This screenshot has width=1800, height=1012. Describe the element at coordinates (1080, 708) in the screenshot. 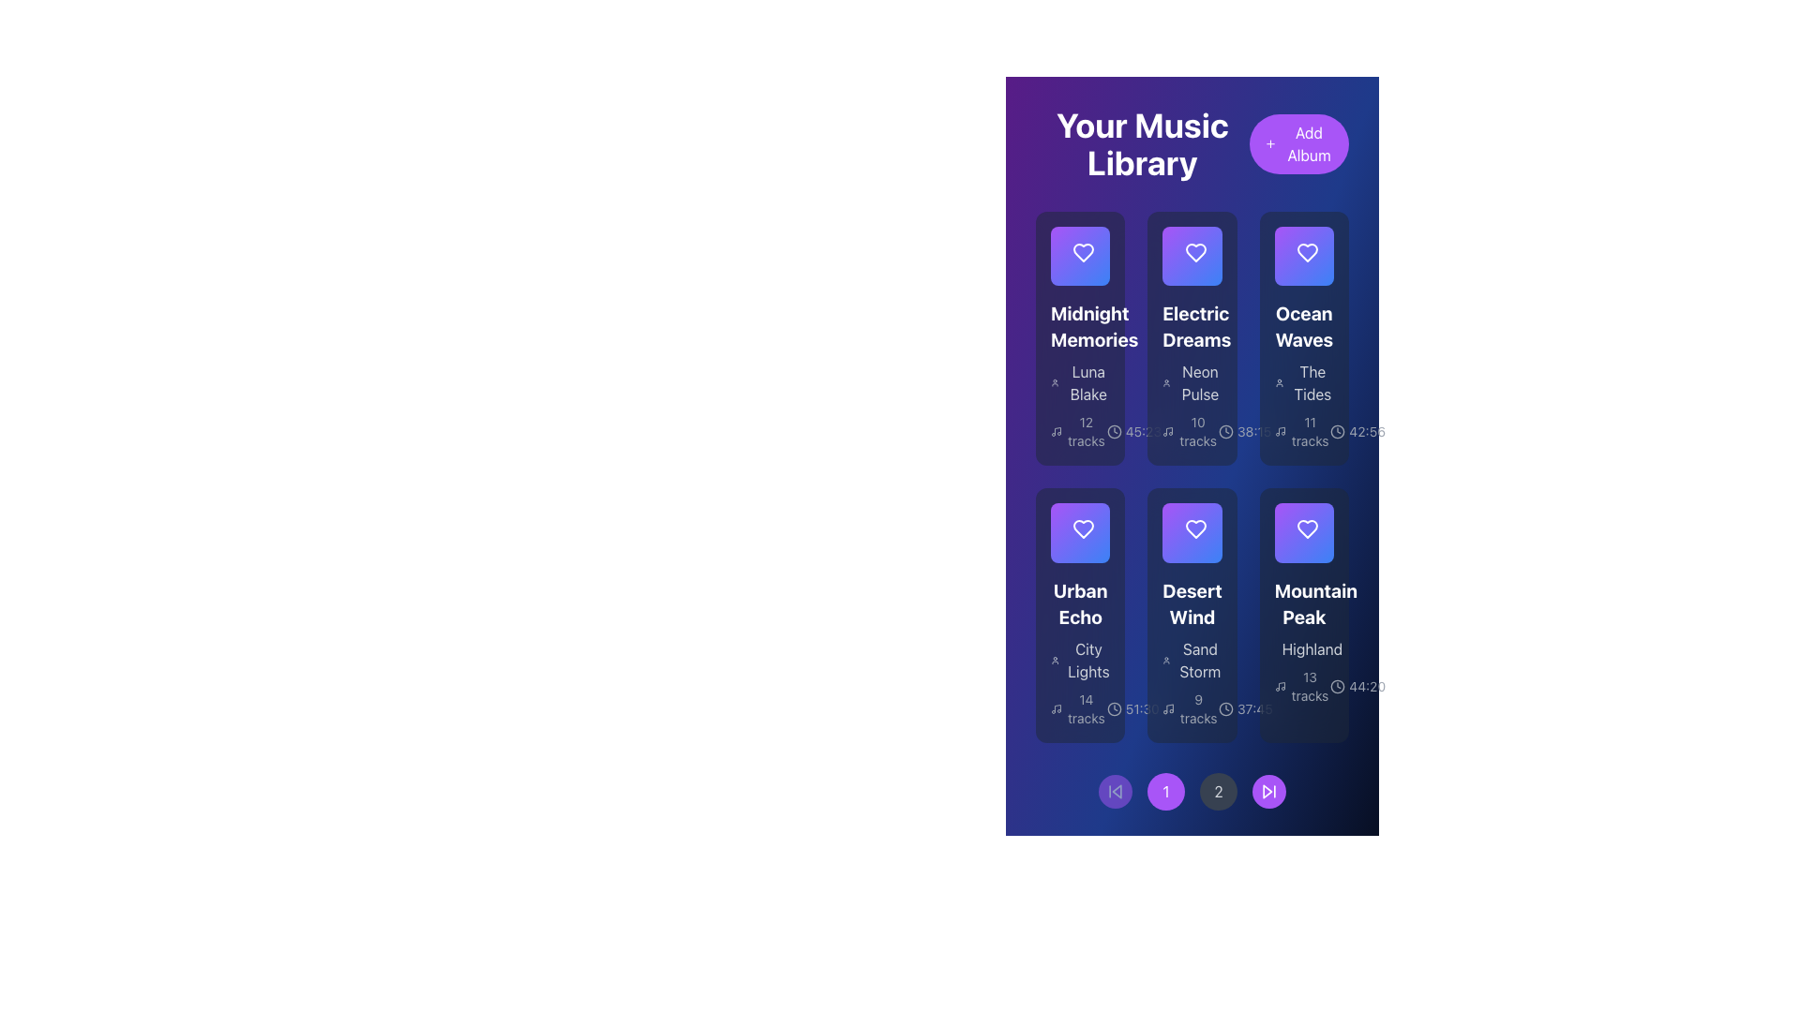

I see `the Text display indicating the number of tracks available in the album 'Urban Echo', located at the bottom of the 'Urban Echo' section and to the left of the '51:30' runtime text` at that location.